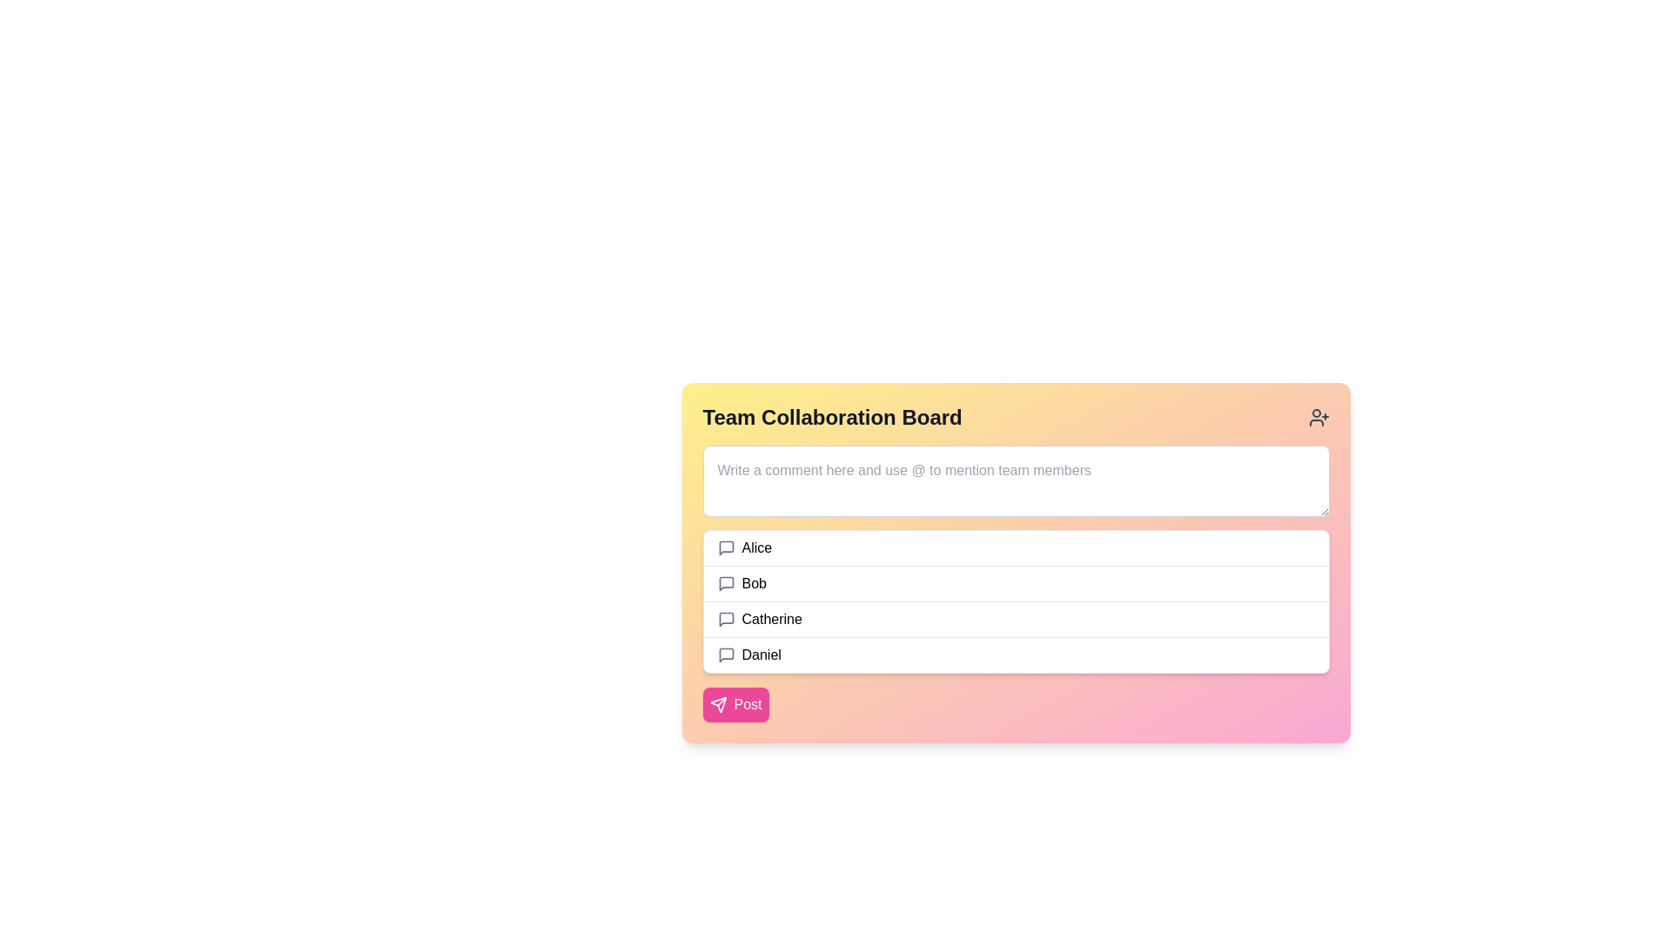  What do you see at coordinates (726, 619) in the screenshot?
I see `the gray speech bubble icon that signifies comments or messages, located to the left of the text 'Catherine' in the 'Team Collaboration Board'` at bounding box center [726, 619].